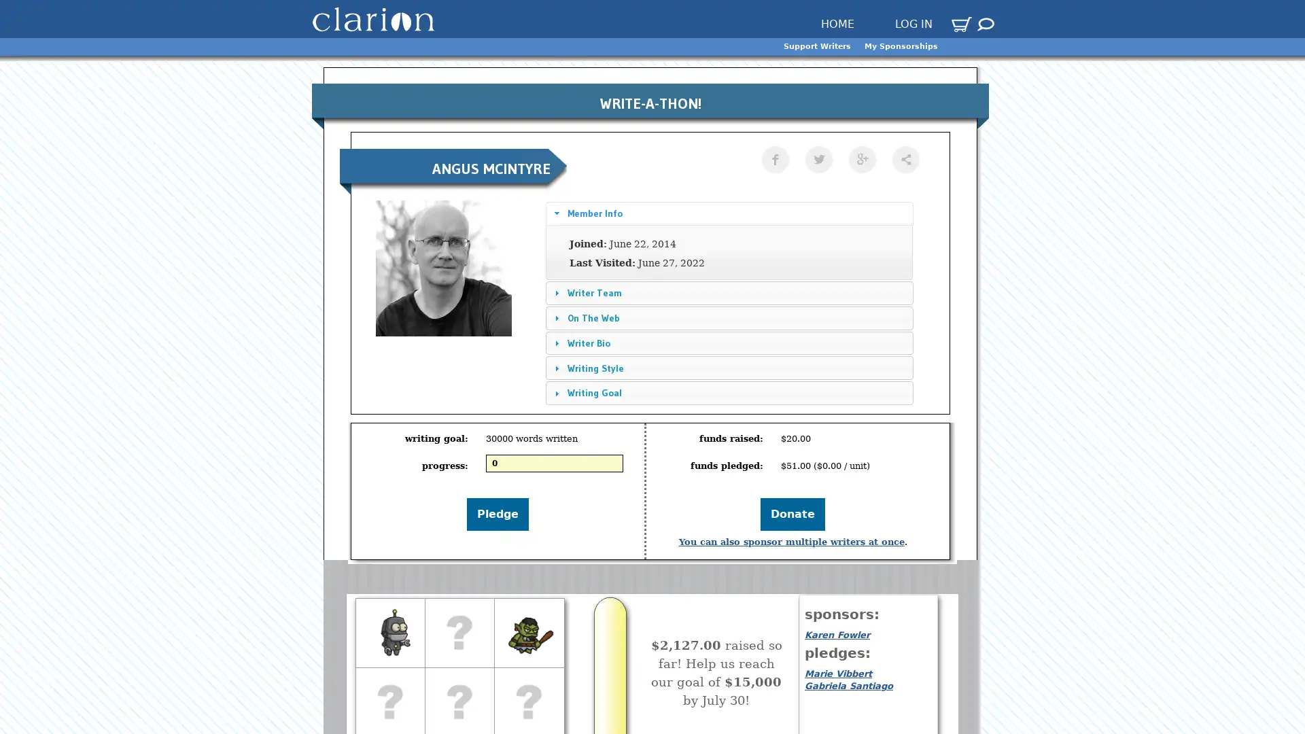 Image resolution: width=1305 pixels, height=734 pixels. I want to click on Pledge, so click(497, 514).